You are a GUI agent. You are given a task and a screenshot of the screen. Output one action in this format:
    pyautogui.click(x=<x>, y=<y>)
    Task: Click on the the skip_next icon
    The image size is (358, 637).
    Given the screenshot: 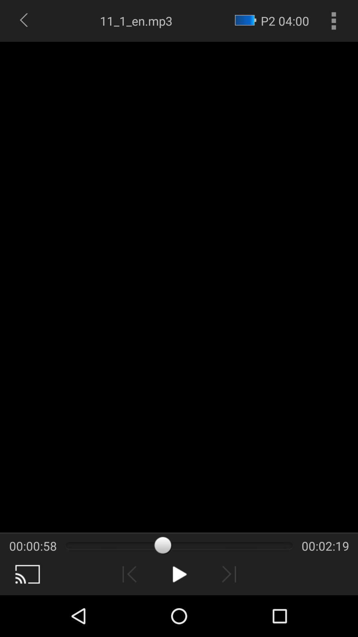 What is the action you would take?
    pyautogui.click(x=228, y=614)
    